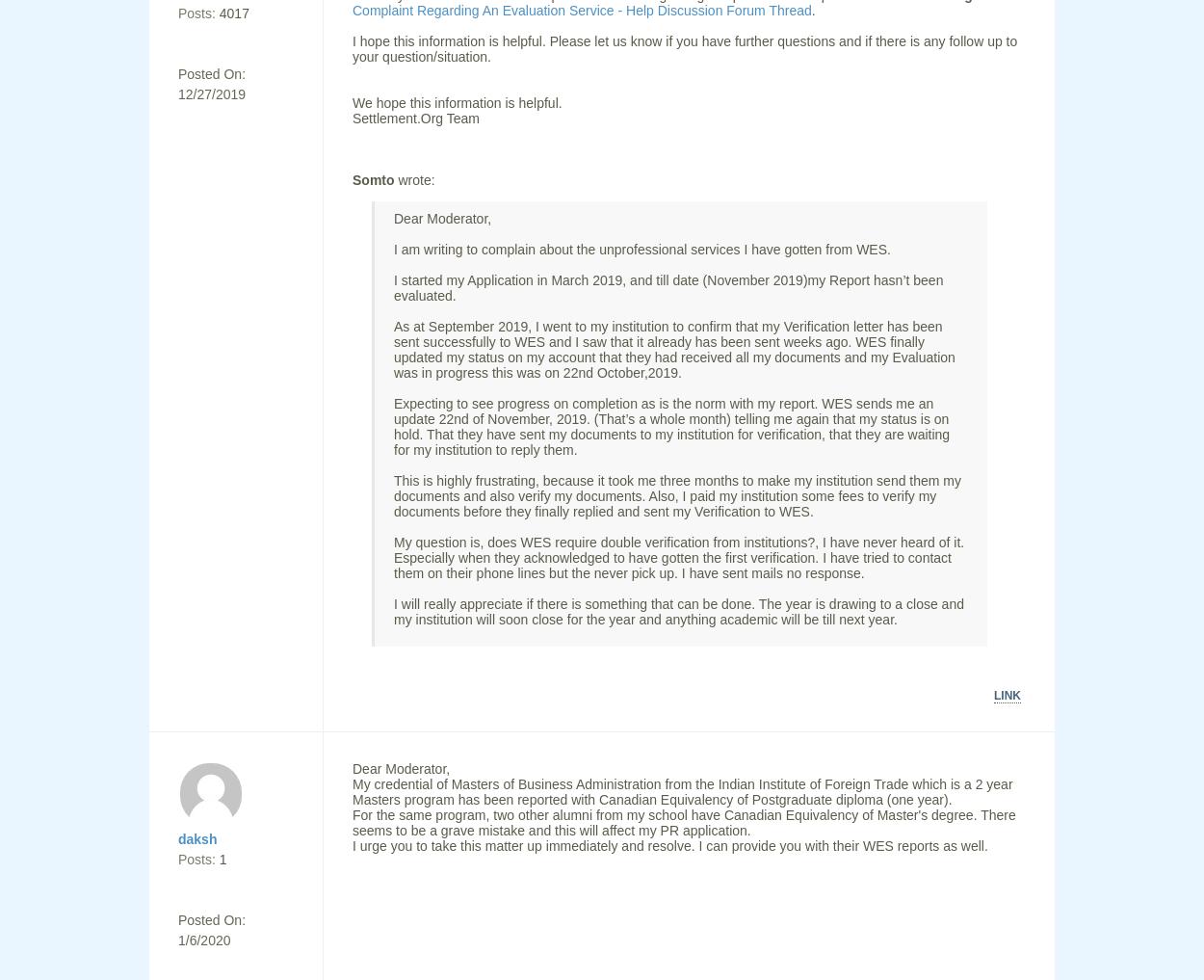 This screenshot has width=1204, height=980. What do you see at coordinates (196, 838) in the screenshot?
I see `'daksh'` at bounding box center [196, 838].